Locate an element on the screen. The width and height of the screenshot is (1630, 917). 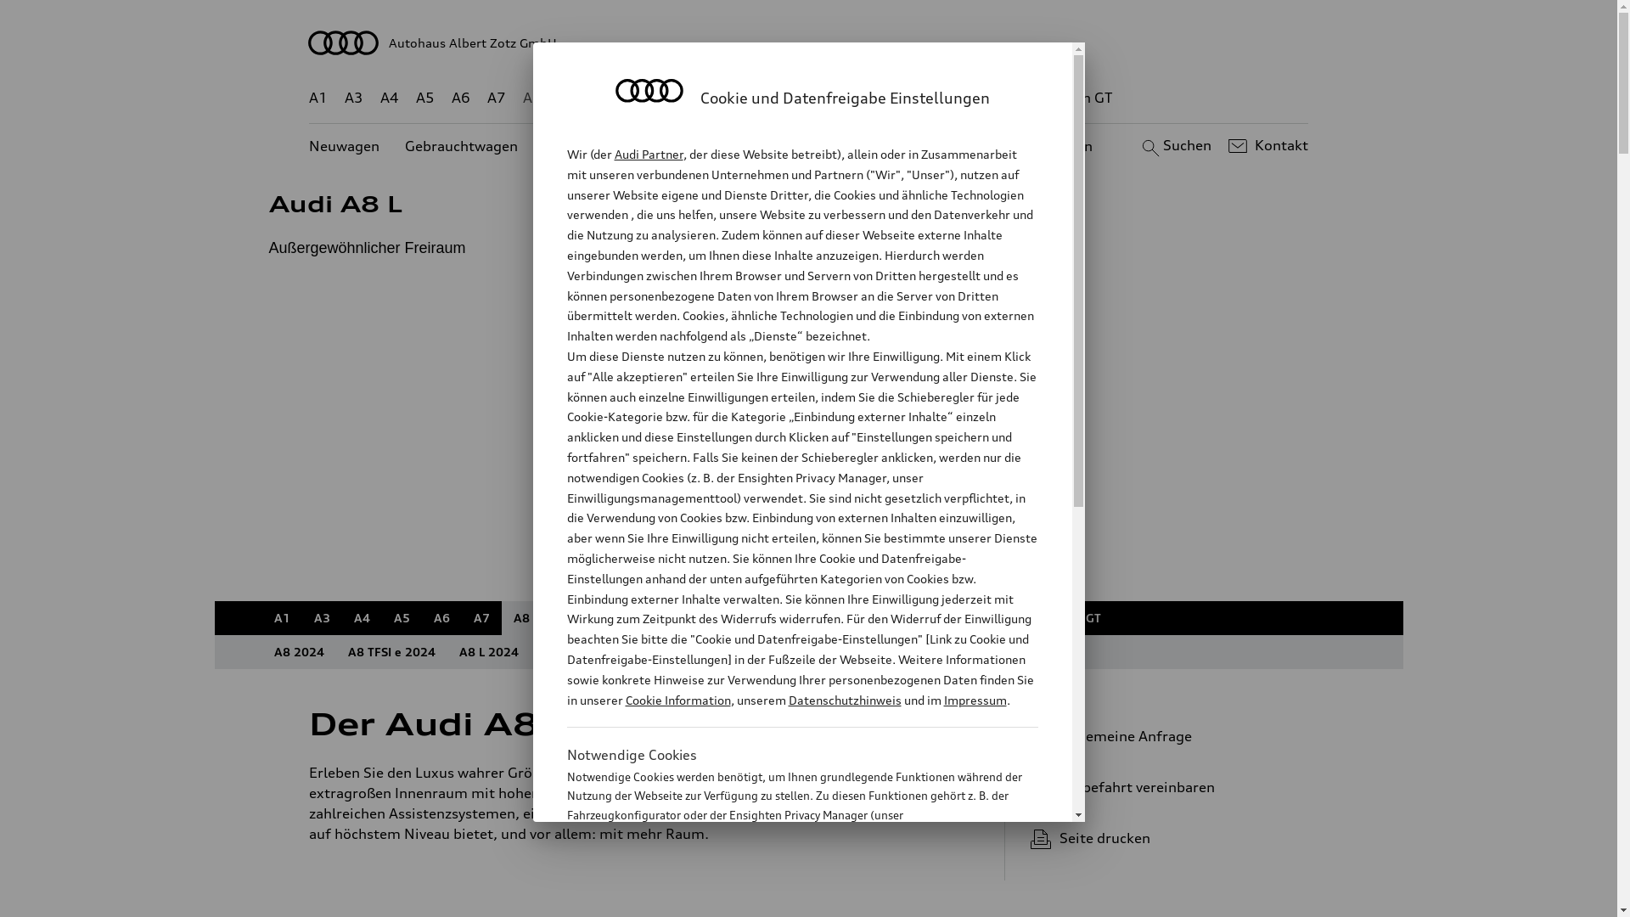
'Datenschutzhinweis' is located at coordinates (844, 700).